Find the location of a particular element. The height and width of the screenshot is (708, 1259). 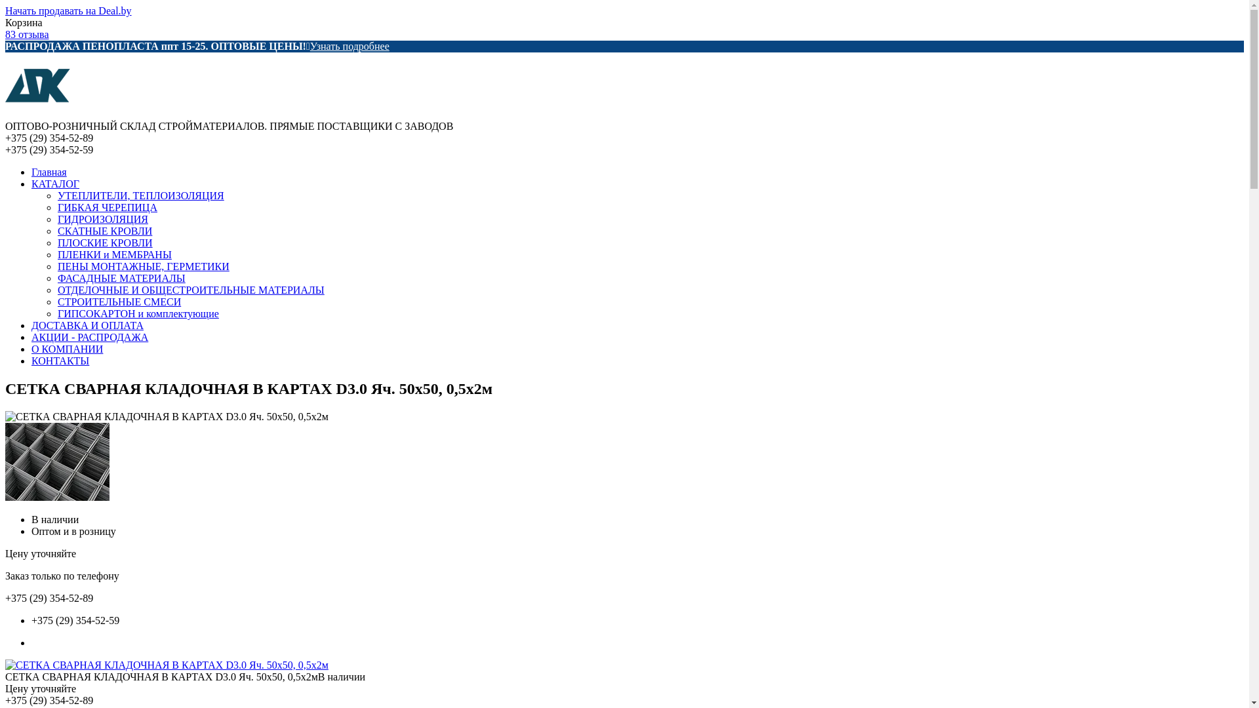

'domprofkomplekt.by' is located at coordinates (37, 113).